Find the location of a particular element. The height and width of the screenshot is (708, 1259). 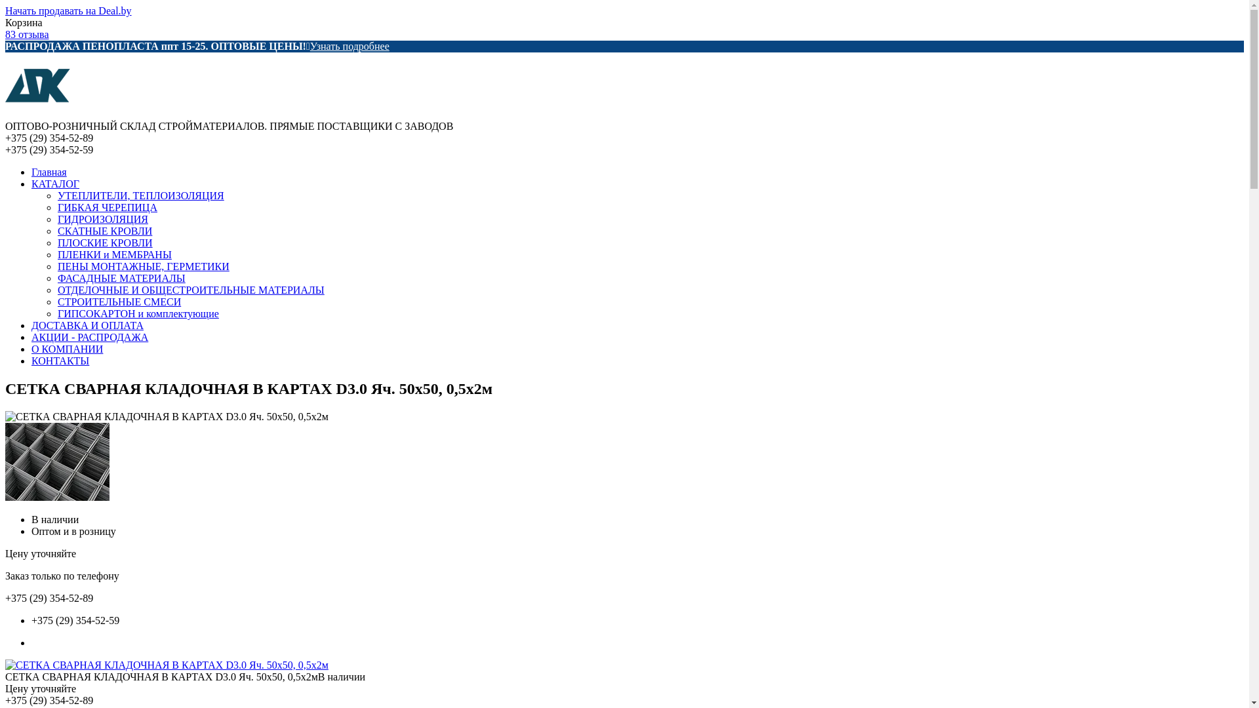

'domprofkomplekt.by' is located at coordinates (37, 113).